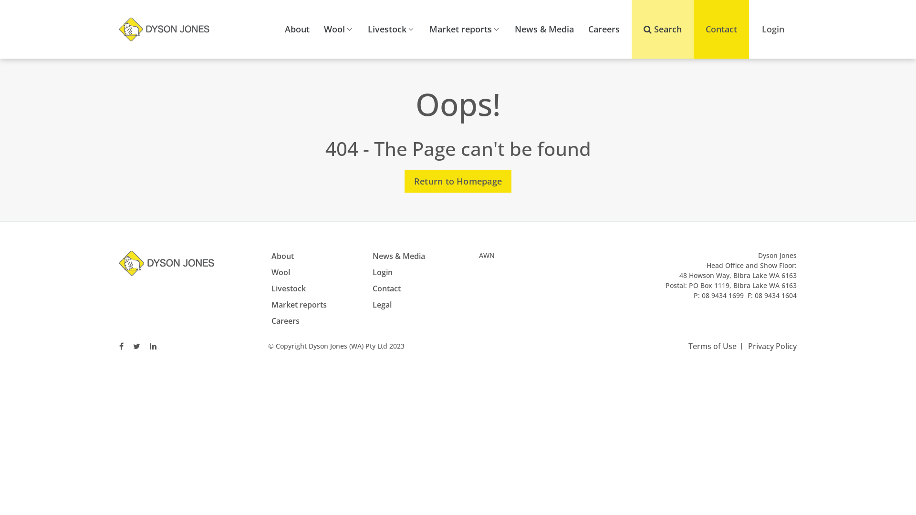 Image resolution: width=916 pixels, height=515 pixels. Describe the element at coordinates (772, 346) in the screenshot. I see `'Privacy Policy'` at that location.